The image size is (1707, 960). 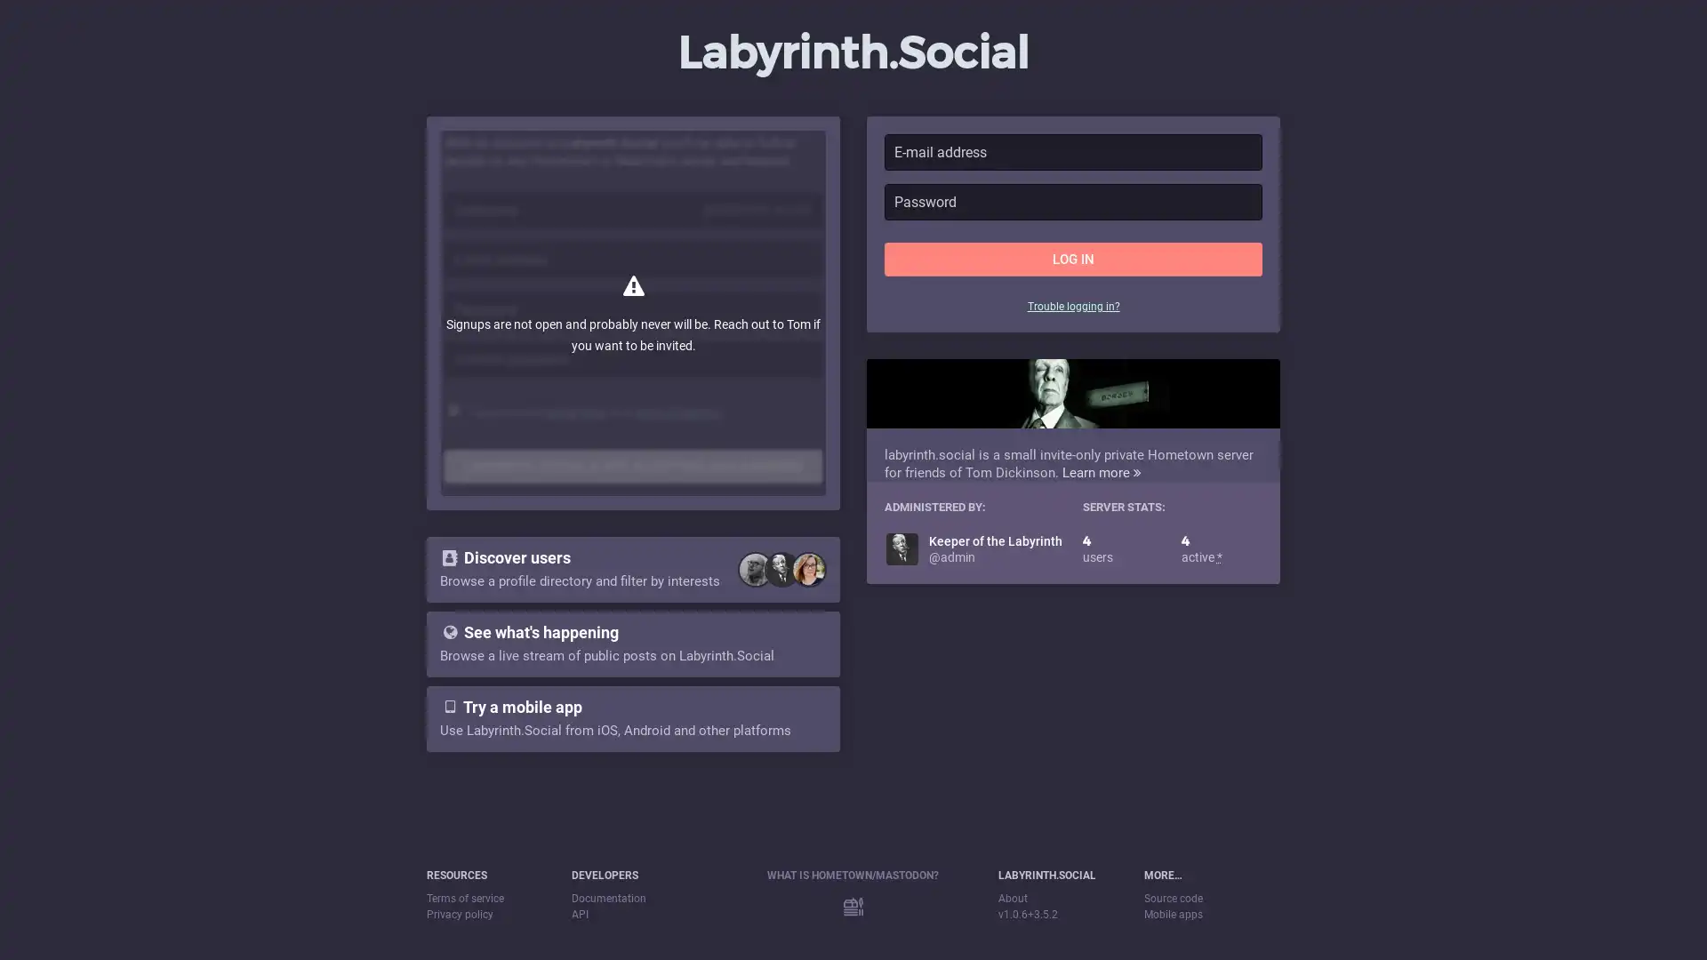 What do you see at coordinates (633, 465) in the screenshot?
I see `LABYRINTH.SOCIAL IS NOT ACCEPTING NEW MEMBERS` at bounding box center [633, 465].